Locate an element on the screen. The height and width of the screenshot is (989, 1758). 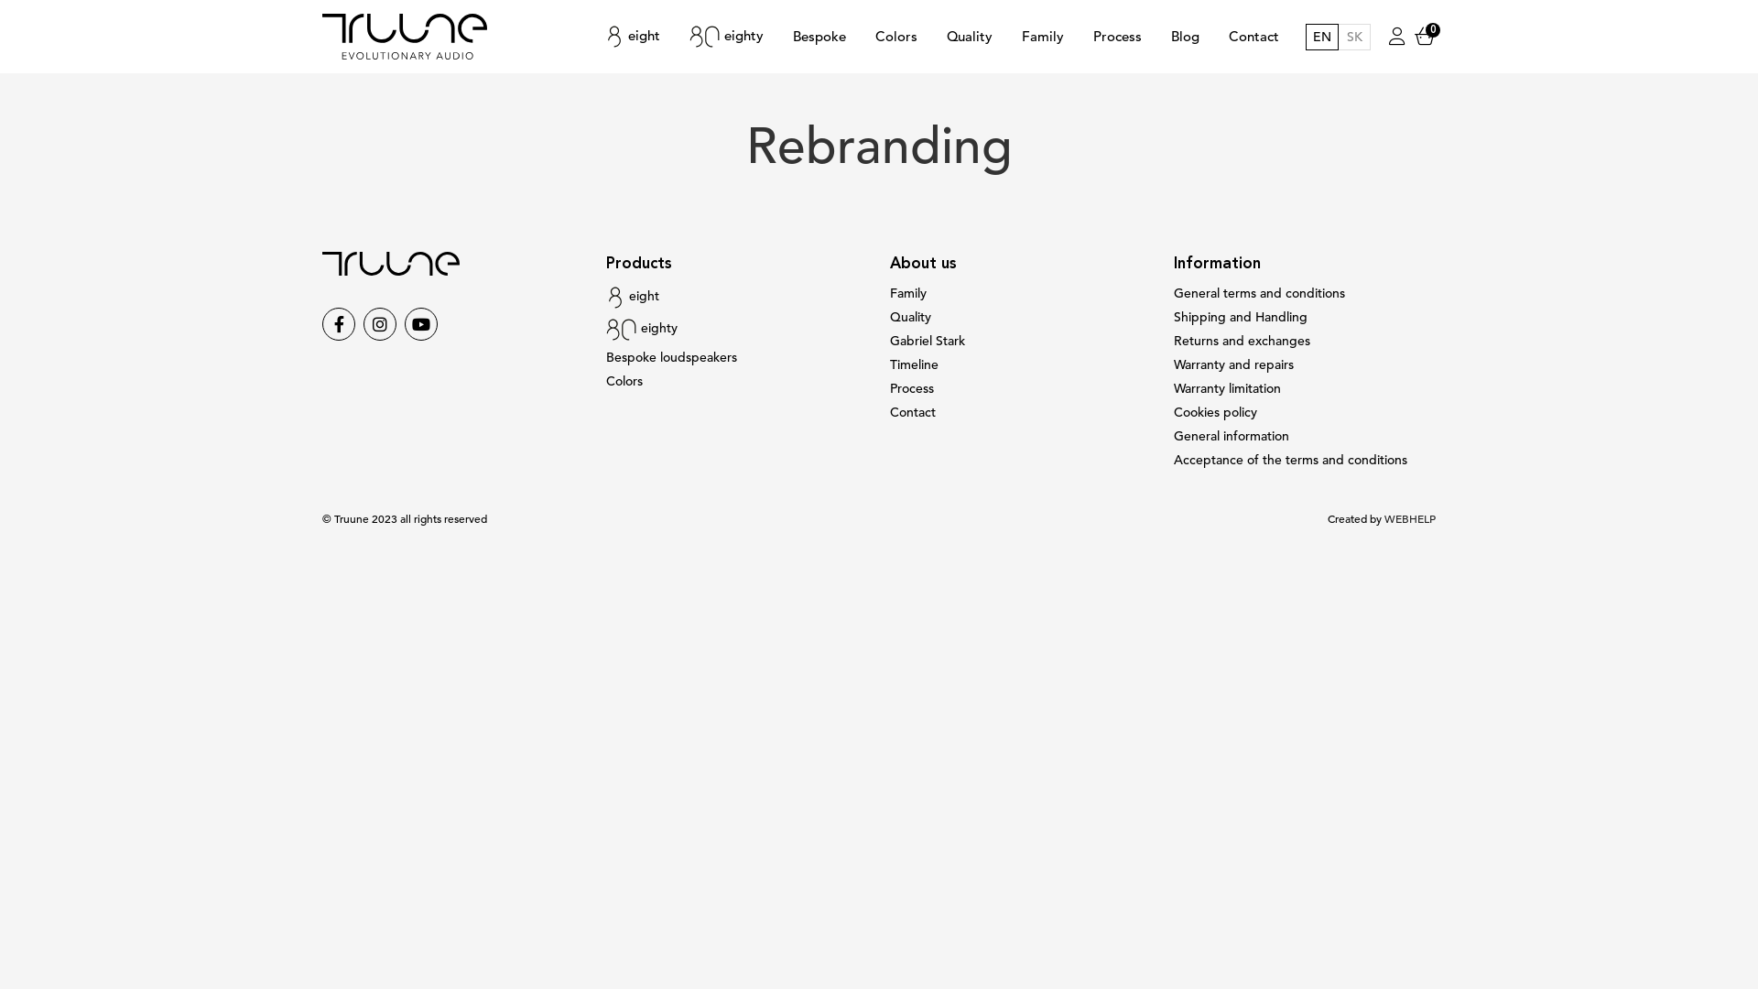
'Blog' is located at coordinates (1185, 36).